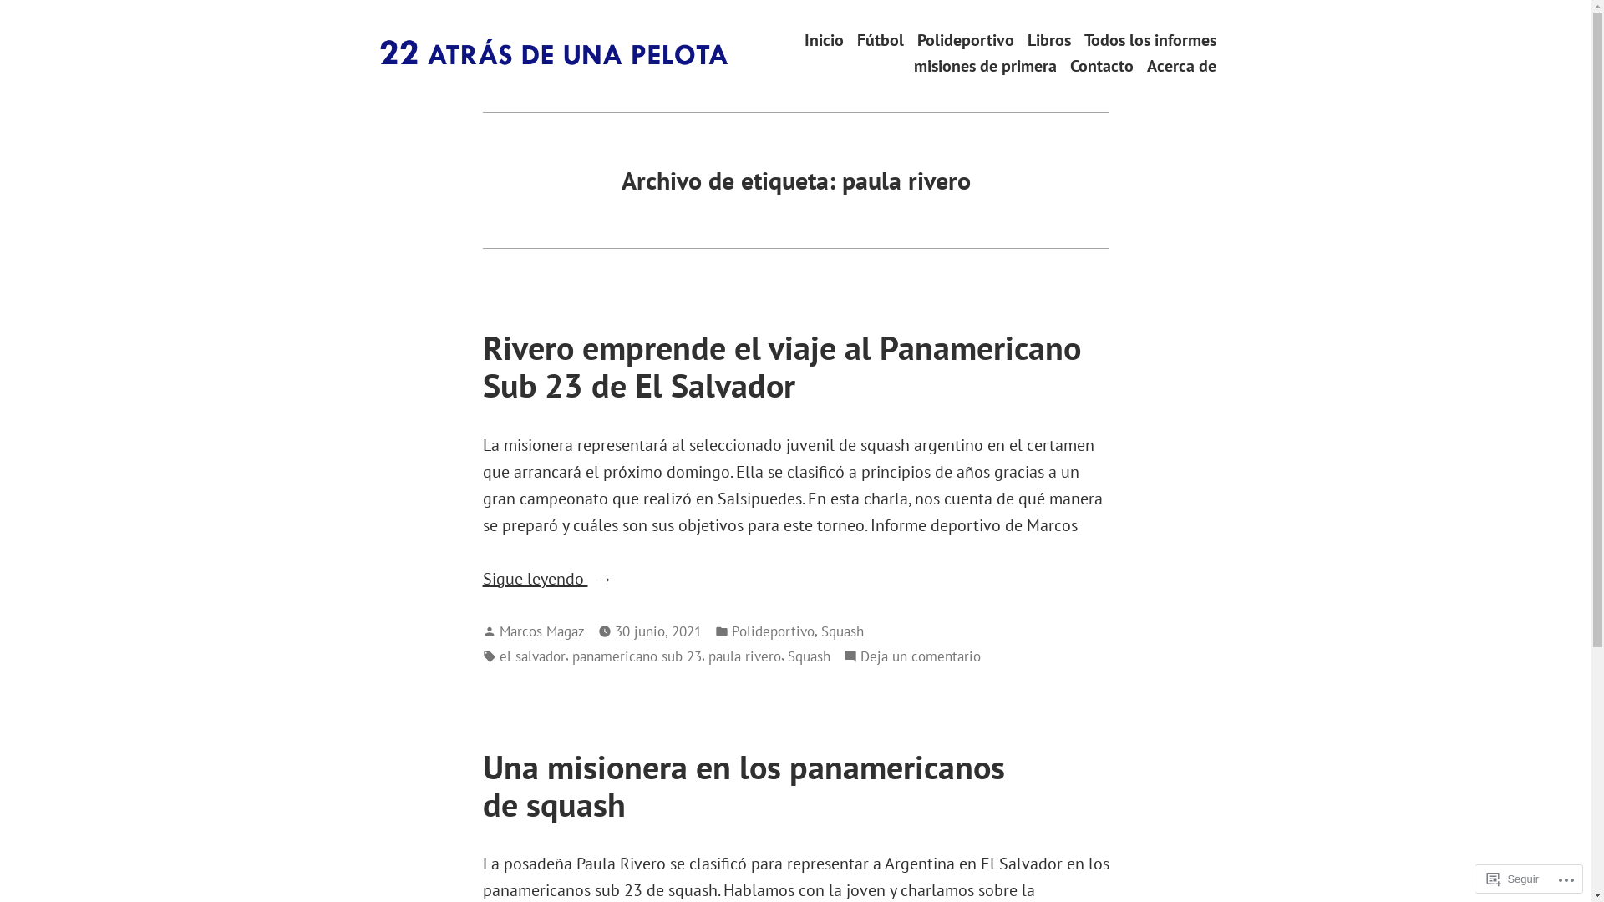  I want to click on 'misiones de primera', so click(985, 65).